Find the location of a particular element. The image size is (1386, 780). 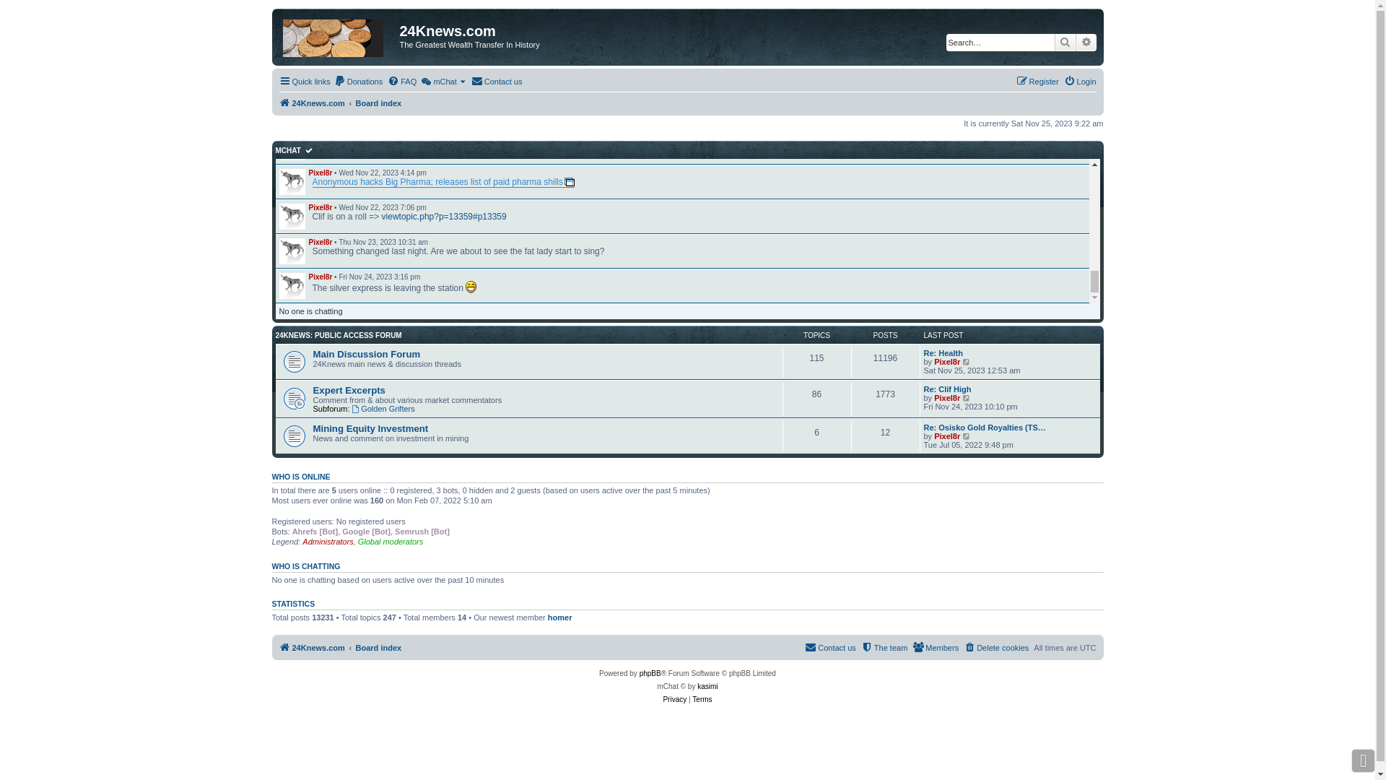

'Terms' is located at coordinates (702, 698).